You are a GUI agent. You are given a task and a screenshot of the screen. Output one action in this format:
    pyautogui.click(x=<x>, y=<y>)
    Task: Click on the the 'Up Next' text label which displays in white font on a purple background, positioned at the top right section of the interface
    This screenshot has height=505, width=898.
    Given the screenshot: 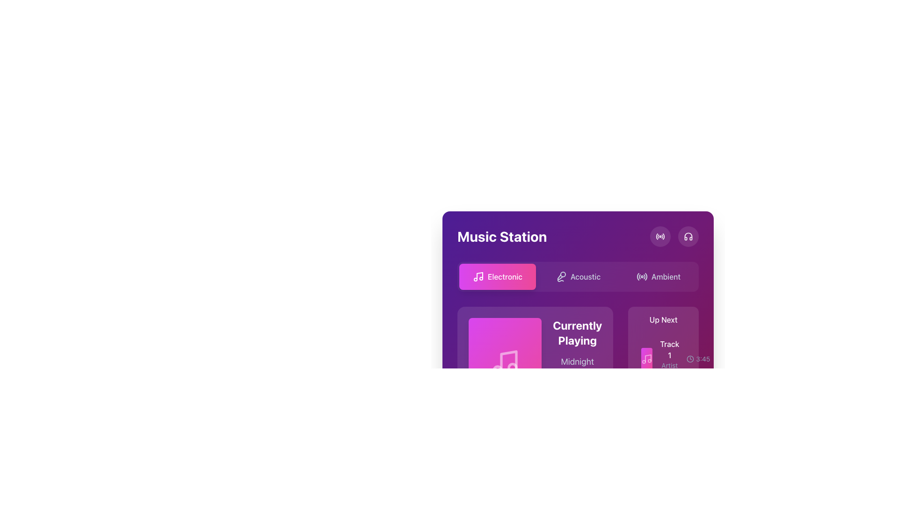 What is the action you would take?
    pyautogui.click(x=663, y=319)
    